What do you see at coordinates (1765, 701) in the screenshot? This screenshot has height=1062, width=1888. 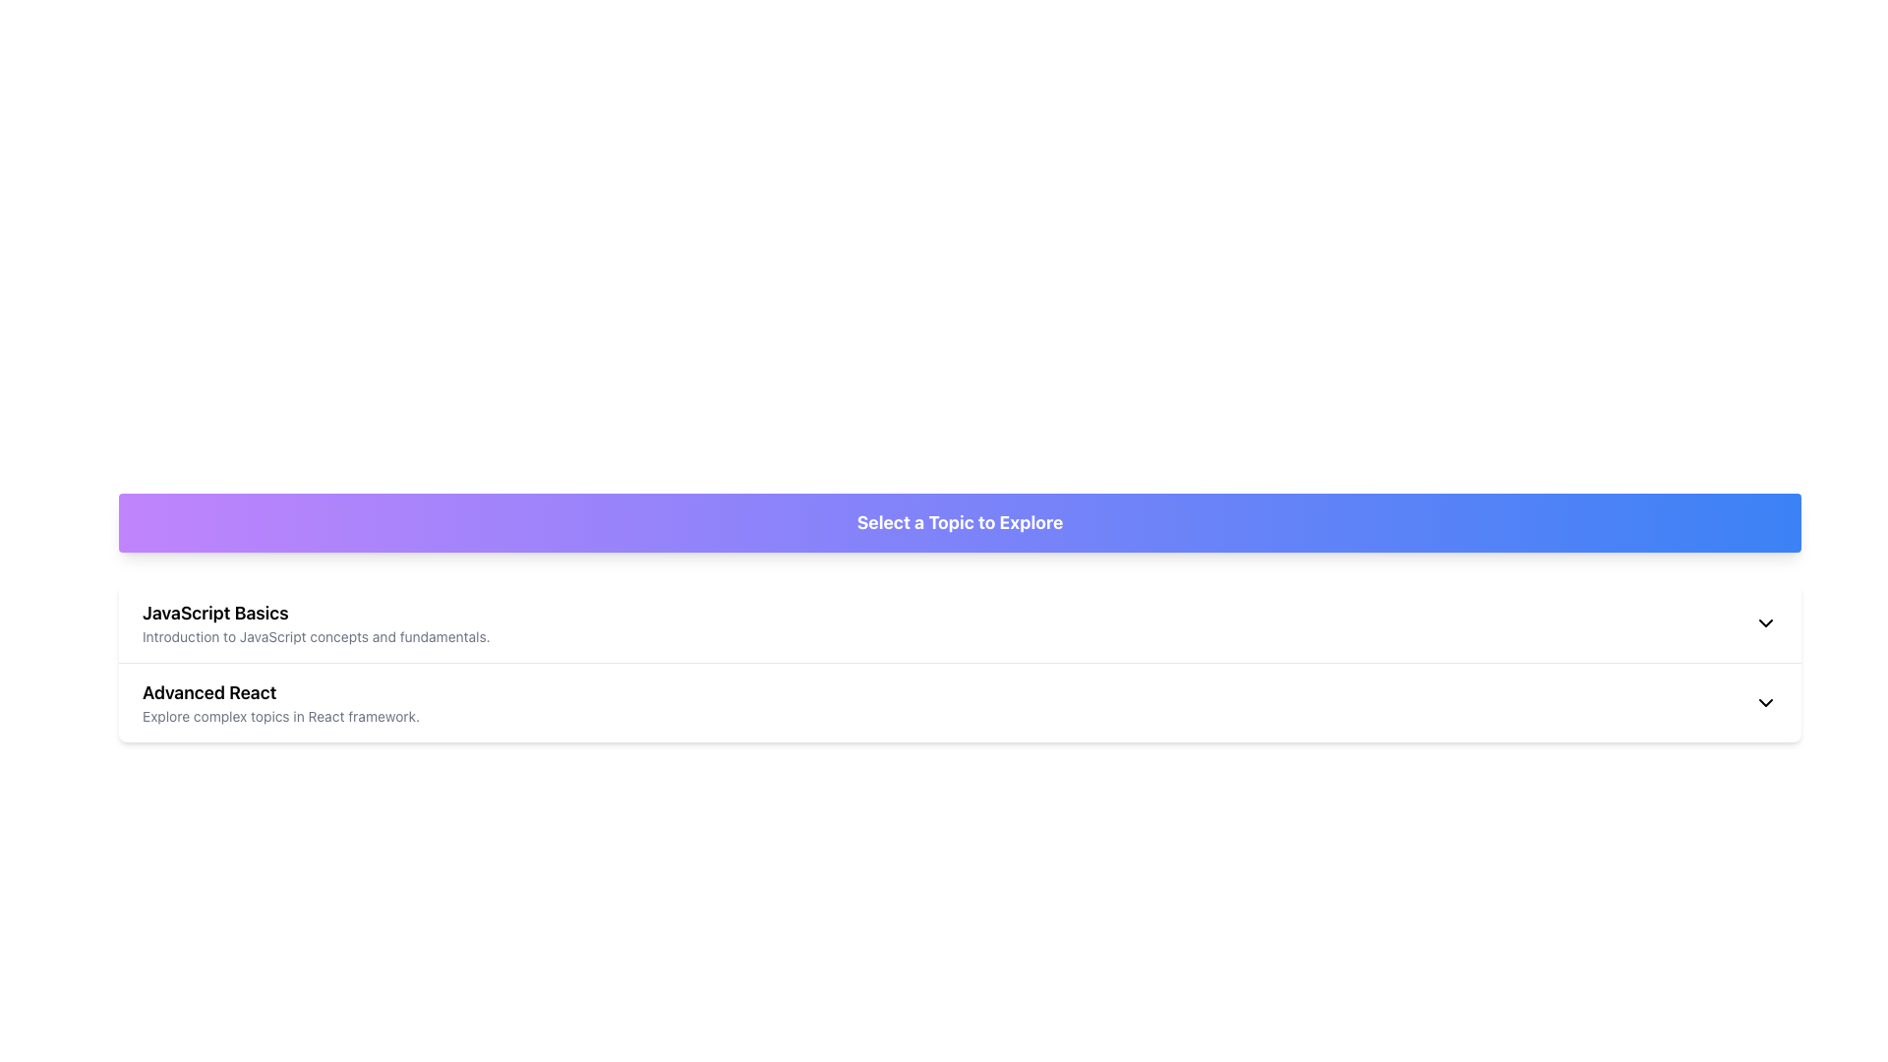 I see `the chevron-down icon indicating a dropdown within the 'Advanced React' section, located to the far-right of the section, next to the text 'Explore complex topics in React framework.'` at bounding box center [1765, 701].